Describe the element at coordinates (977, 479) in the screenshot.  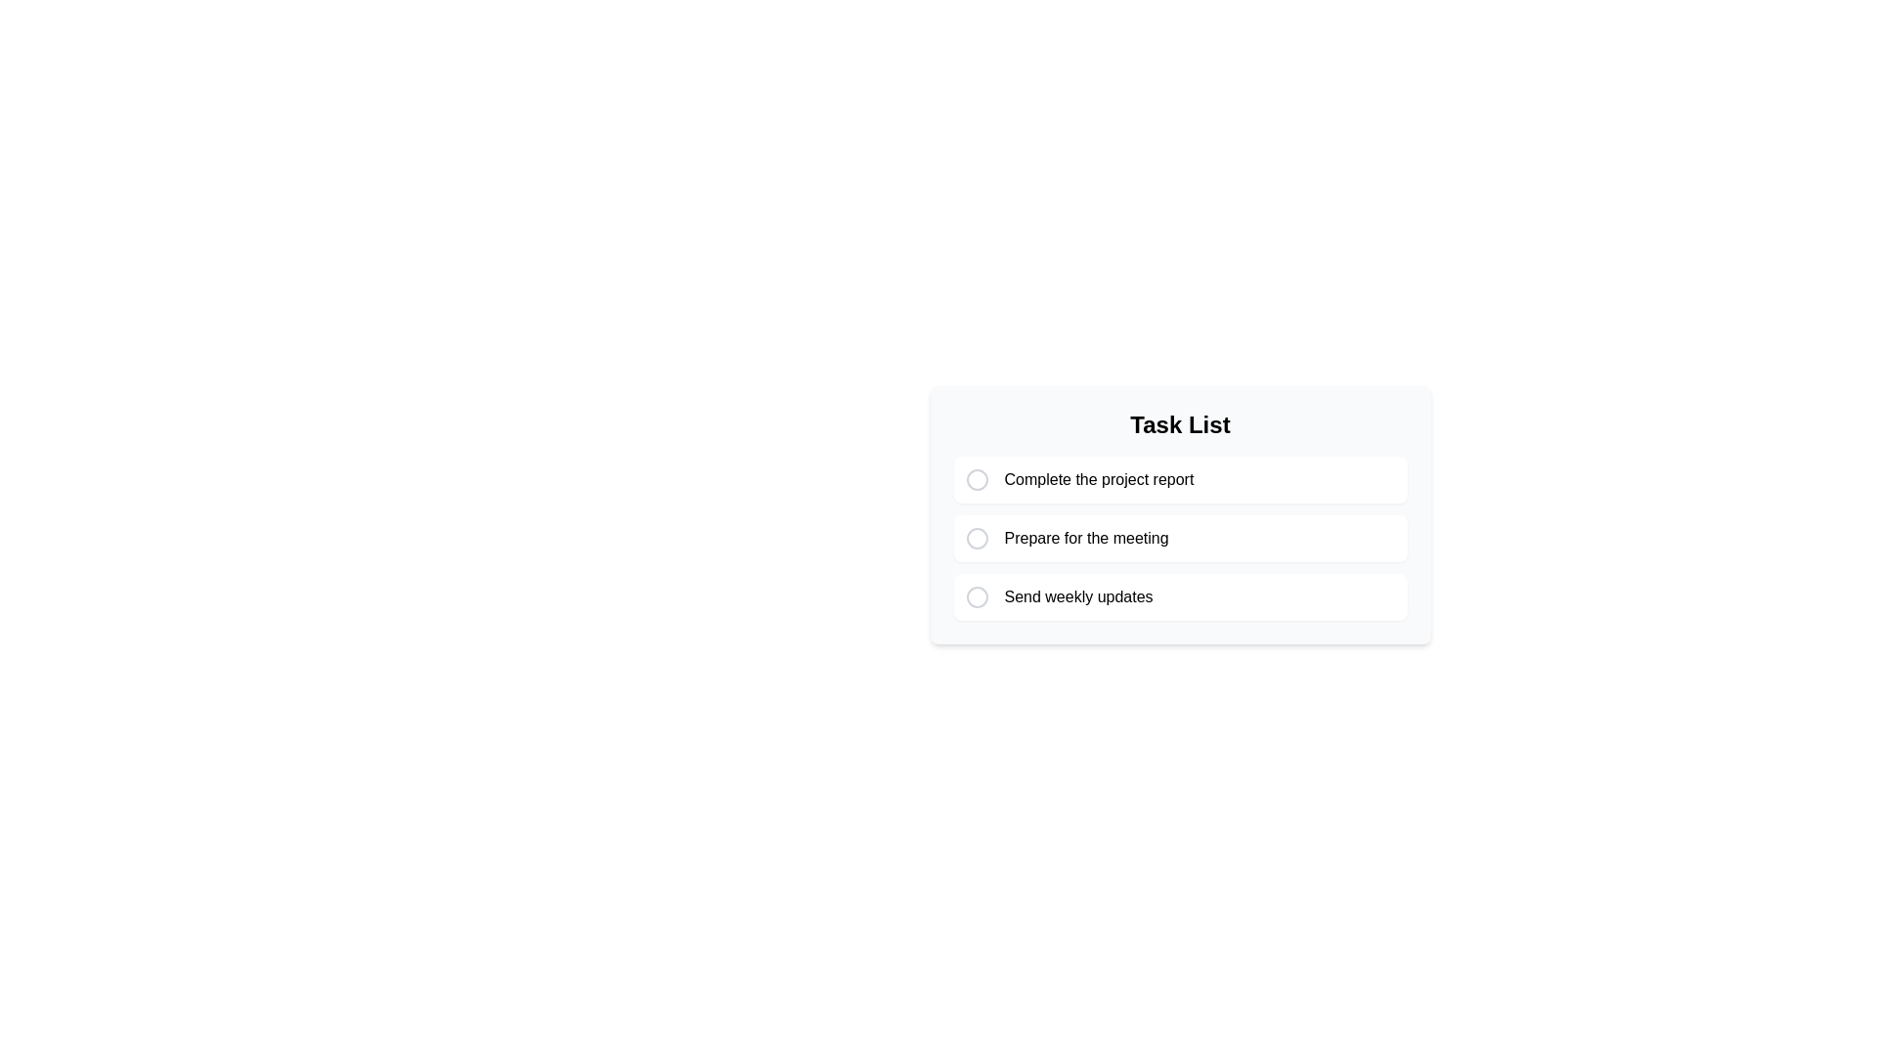
I see `the circular outline icon with a gray stroke` at that location.